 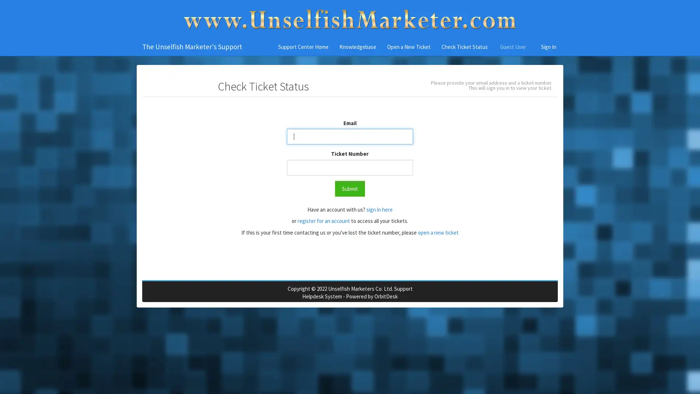 What do you see at coordinates (349, 188) in the screenshot?
I see `Submit` at bounding box center [349, 188].